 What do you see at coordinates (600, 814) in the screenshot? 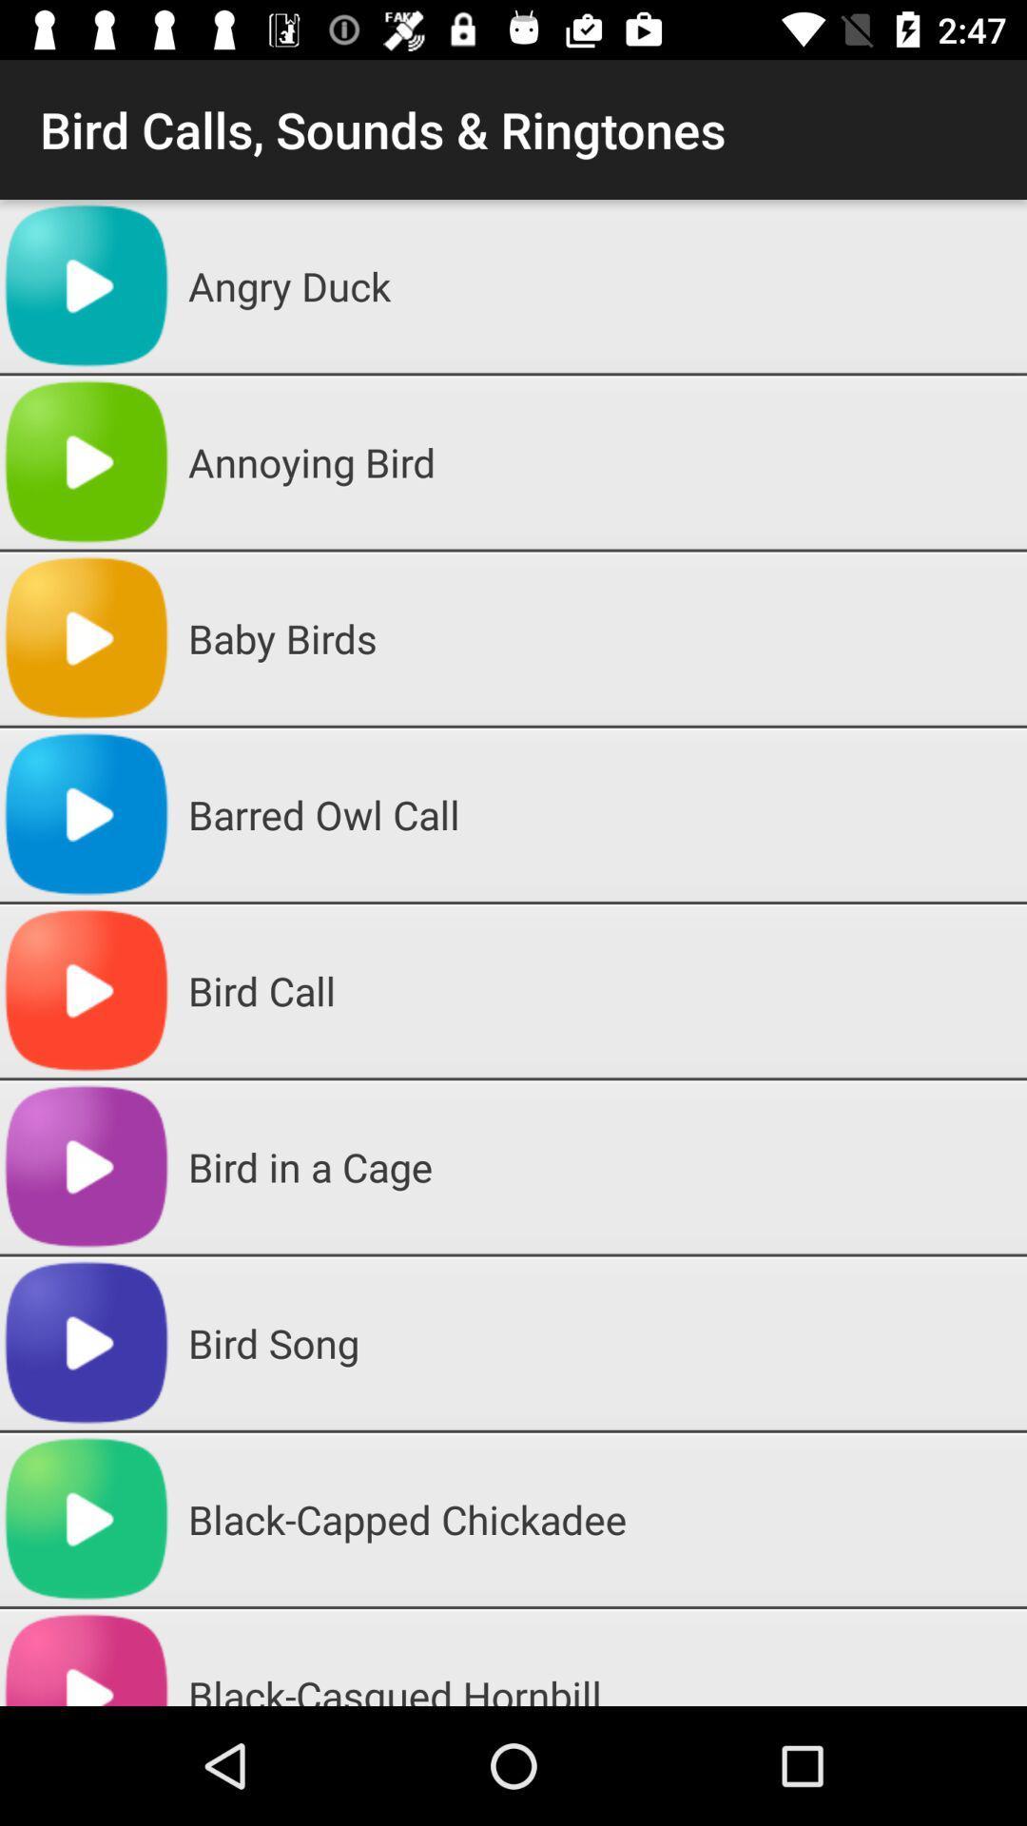
I see `the barred owl call icon` at bounding box center [600, 814].